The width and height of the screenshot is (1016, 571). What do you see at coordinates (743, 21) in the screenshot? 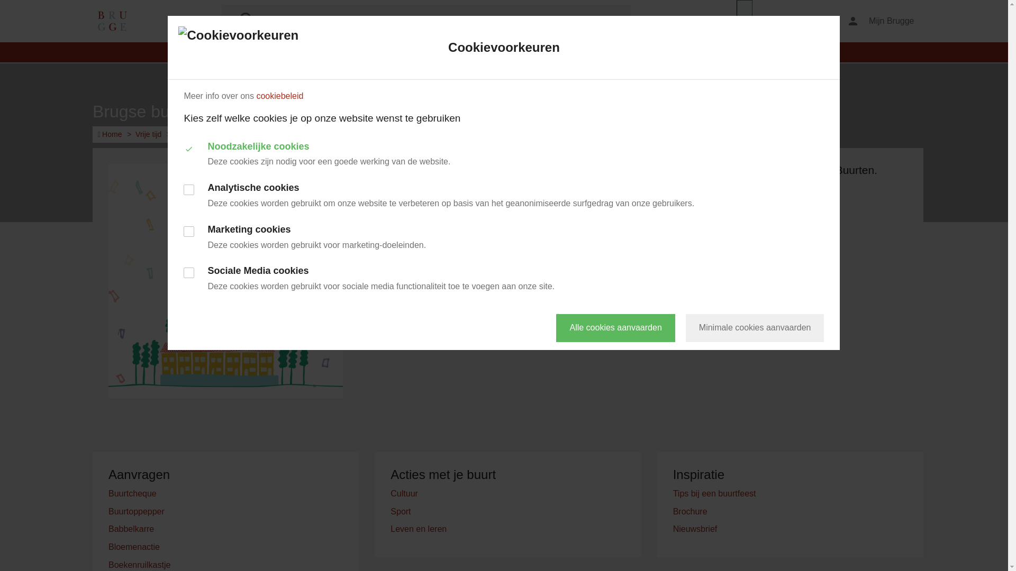
I see `'webReader menu'` at bounding box center [743, 21].